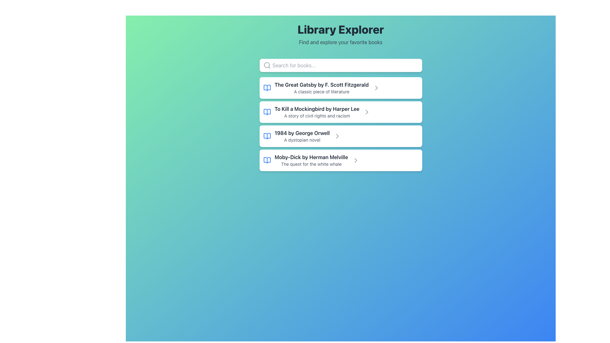  I want to click on the static text displaying 'The Great Gatsby by F. Scott Fitzgerald', which is the primary title in a book entry card, so click(322, 84).